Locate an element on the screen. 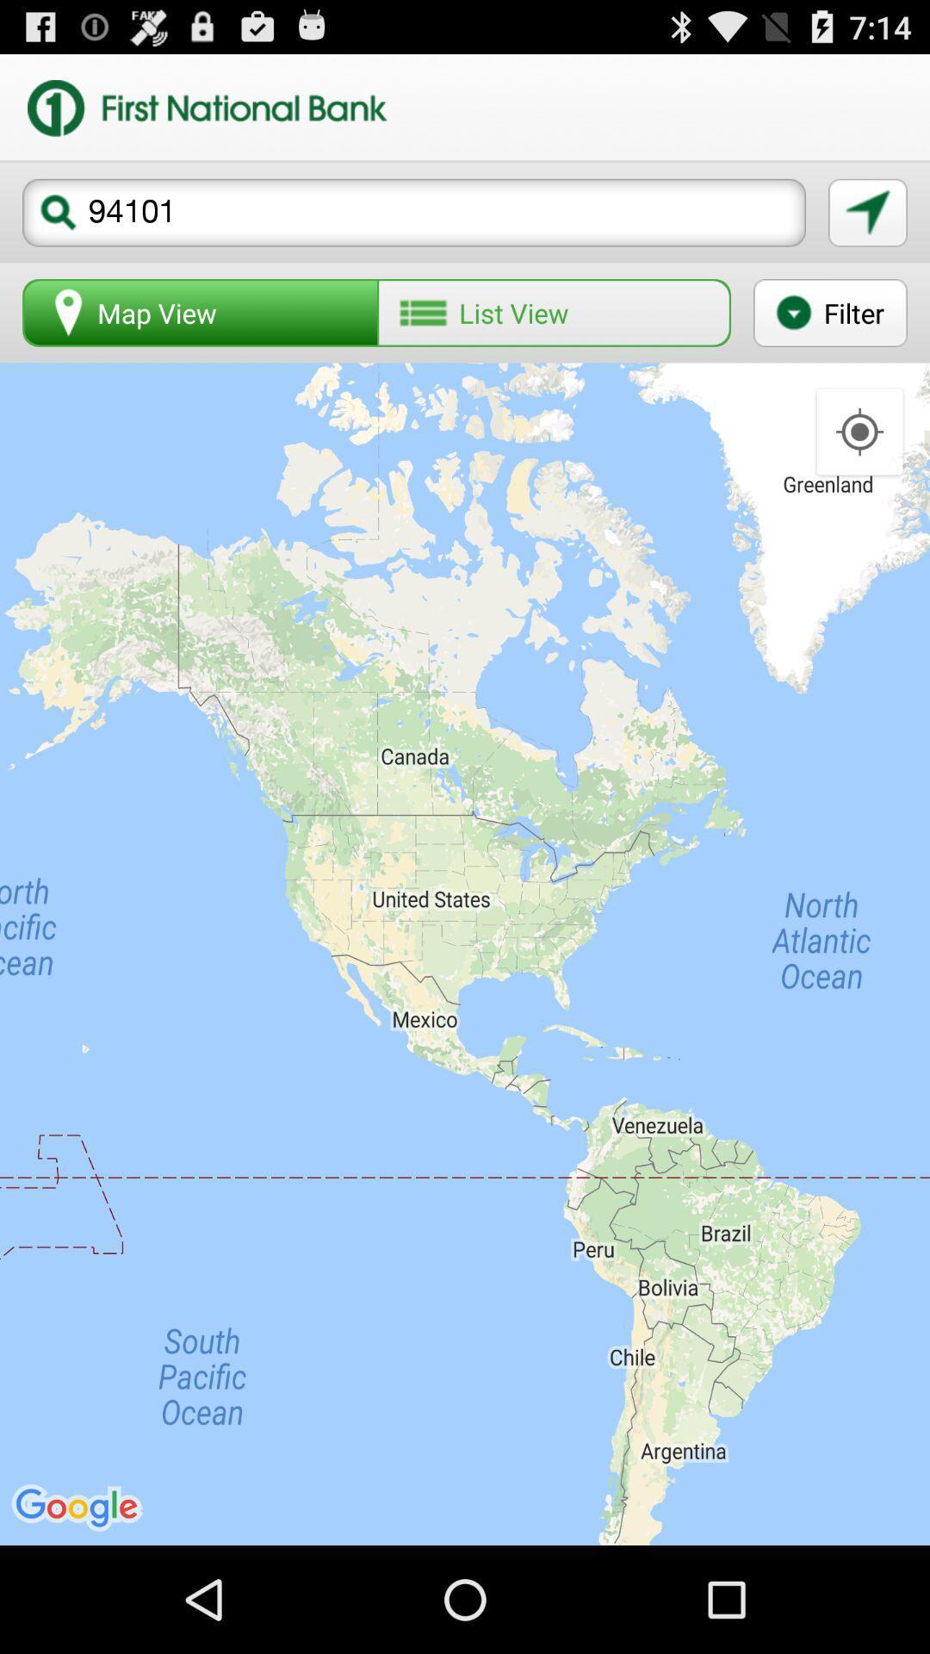 The width and height of the screenshot is (930, 1654). the location_crosshair icon is located at coordinates (859, 463).